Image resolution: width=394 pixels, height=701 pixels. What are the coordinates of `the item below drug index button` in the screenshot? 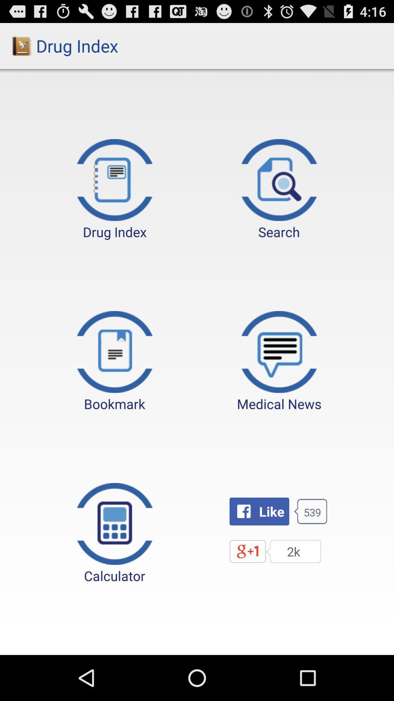 It's located at (115, 362).